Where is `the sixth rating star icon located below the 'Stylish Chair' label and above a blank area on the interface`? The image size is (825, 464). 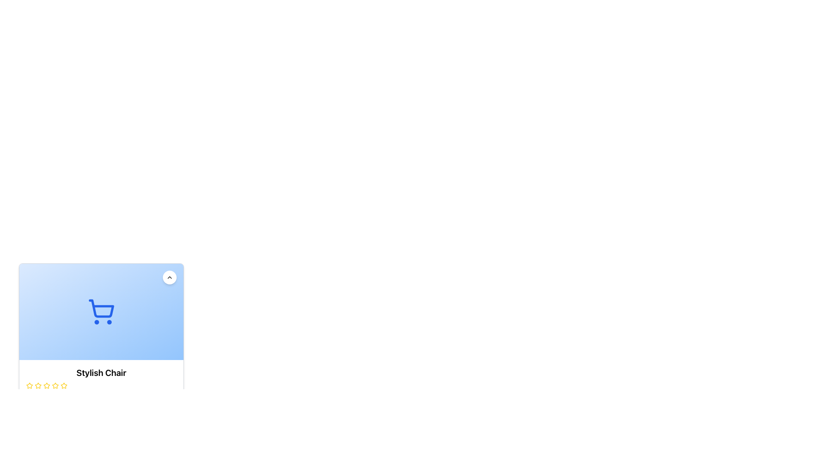
the sixth rating star icon located below the 'Stylish Chair' label and above a blank area on the interface is located at coordinates (63, 385).